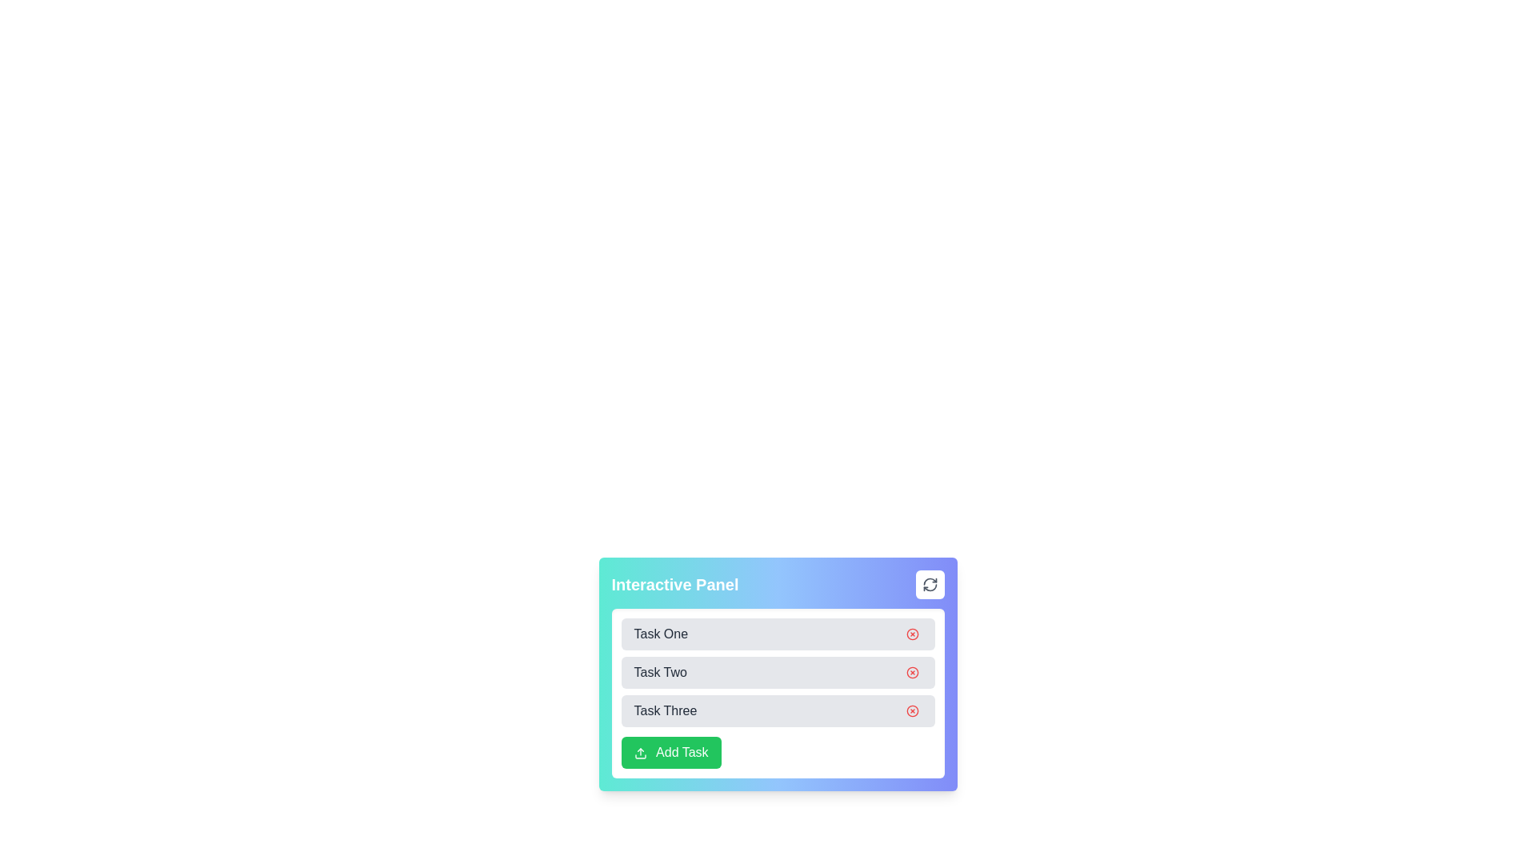 The image size is (1536, 864). What do you see at coordinates (912, 672) in the screenshot?
I see `the SVG circle located in the 'Task Two' row of the interactive panel` at bounding box center [912, 672].